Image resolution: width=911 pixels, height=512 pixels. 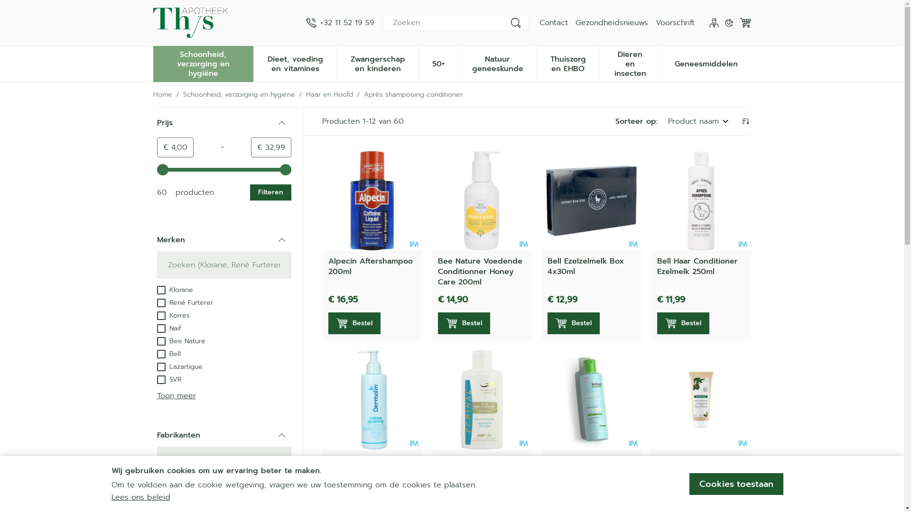 I want to click on 'Apotheek Thys', so click(x=190, y=22).